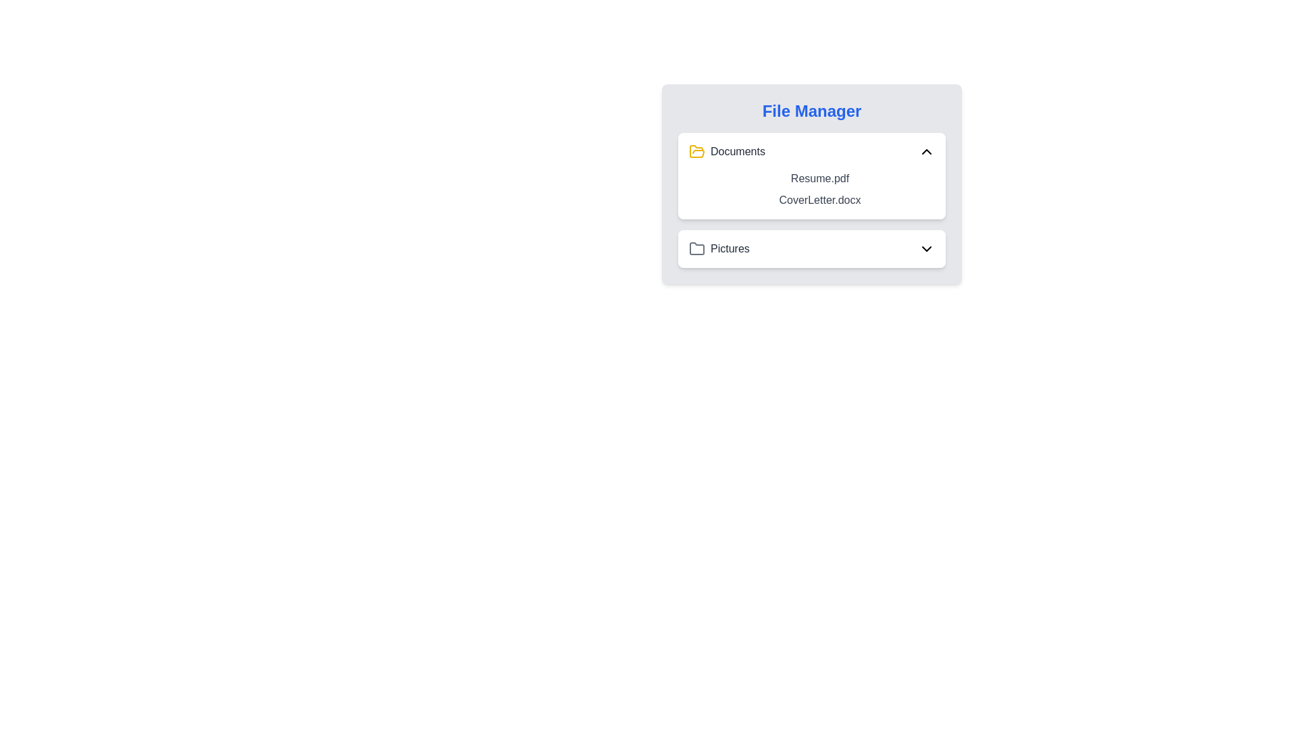  What do you see at coordinates (697, 151) in the screenshot?
I see `the yellowish tinted folder icon located near the 'Documents' label in the 'File Manager' pane` at bounding box center [697, 151].